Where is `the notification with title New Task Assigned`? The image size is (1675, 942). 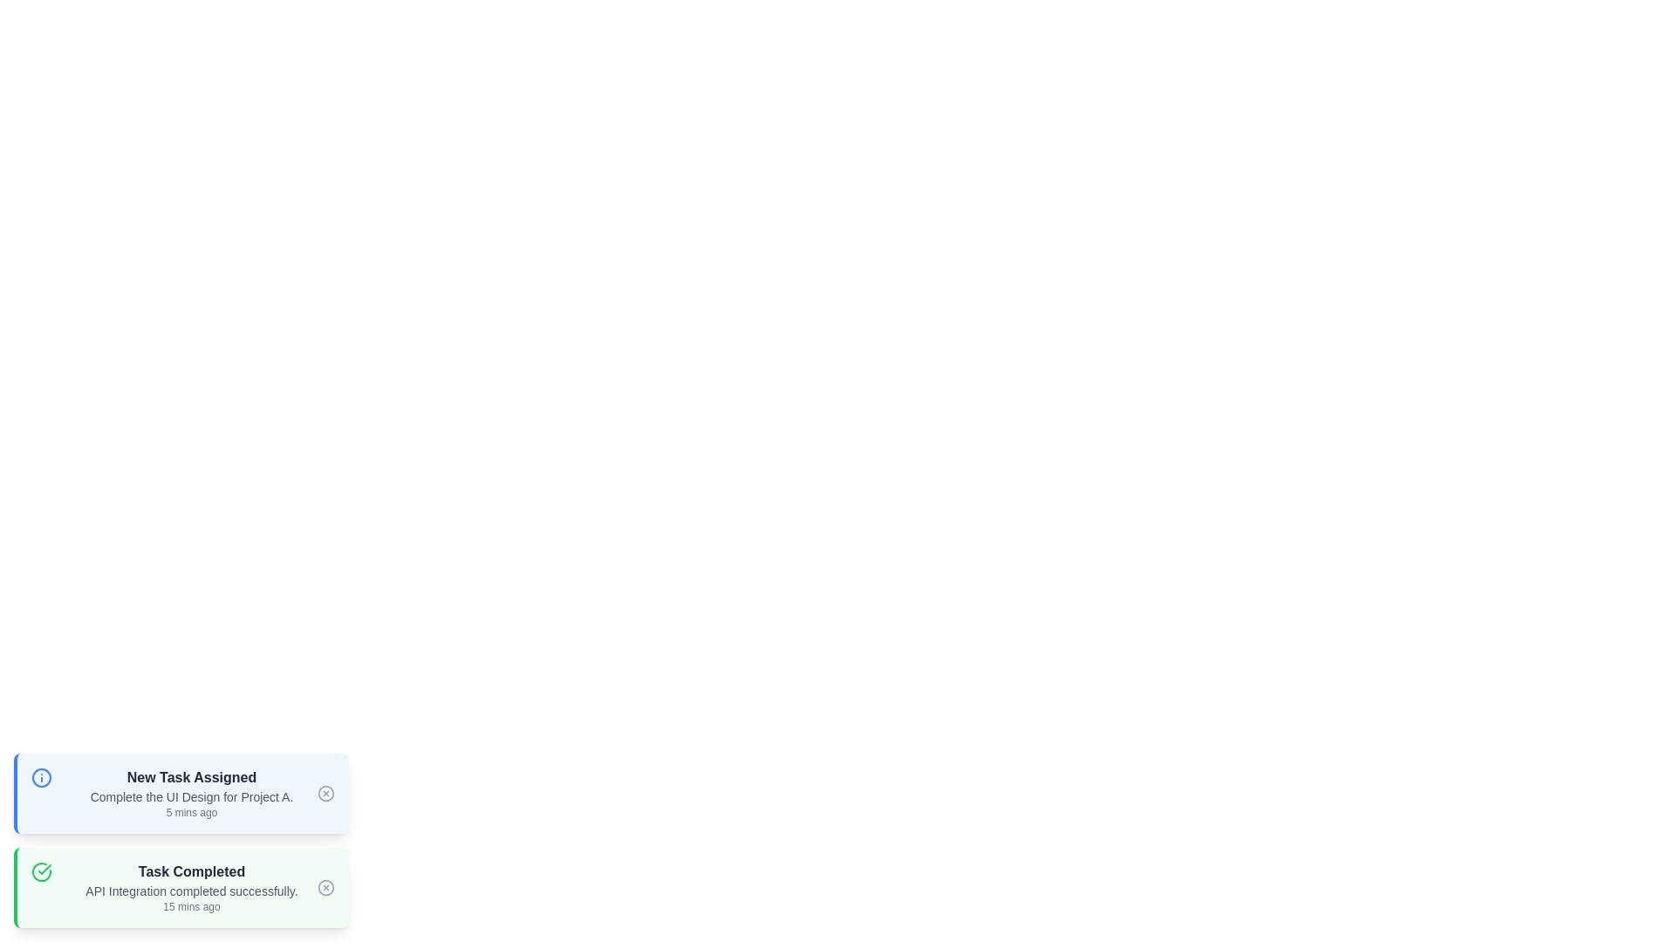
the notification with title New Task Assigned is located at coordinates (181, 794).